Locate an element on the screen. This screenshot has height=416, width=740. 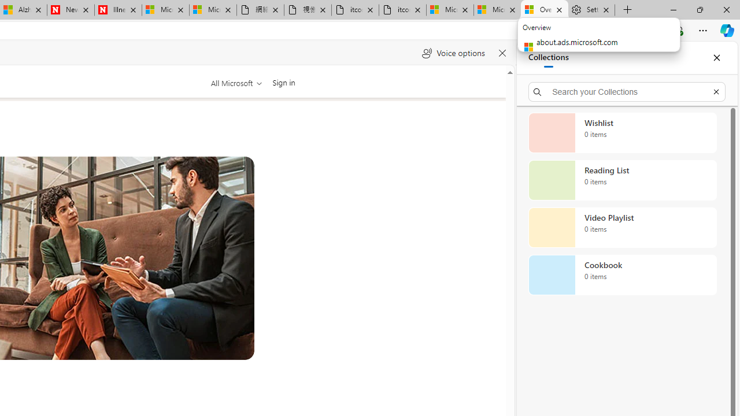
'Illness news & latest pictures from Newsweek.com' is located at coordinates (118, 10).